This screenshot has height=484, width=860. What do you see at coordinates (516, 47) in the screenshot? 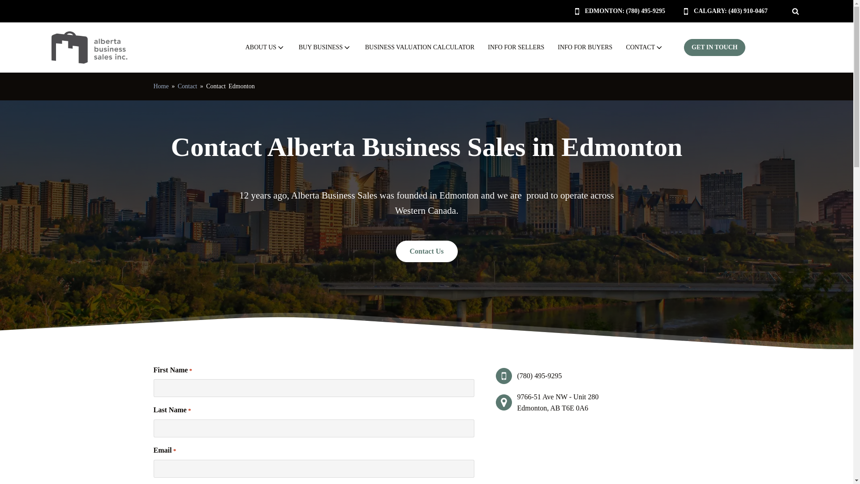
I see `'INFO FOR SELLERS'` at bounding box center [516, 47].